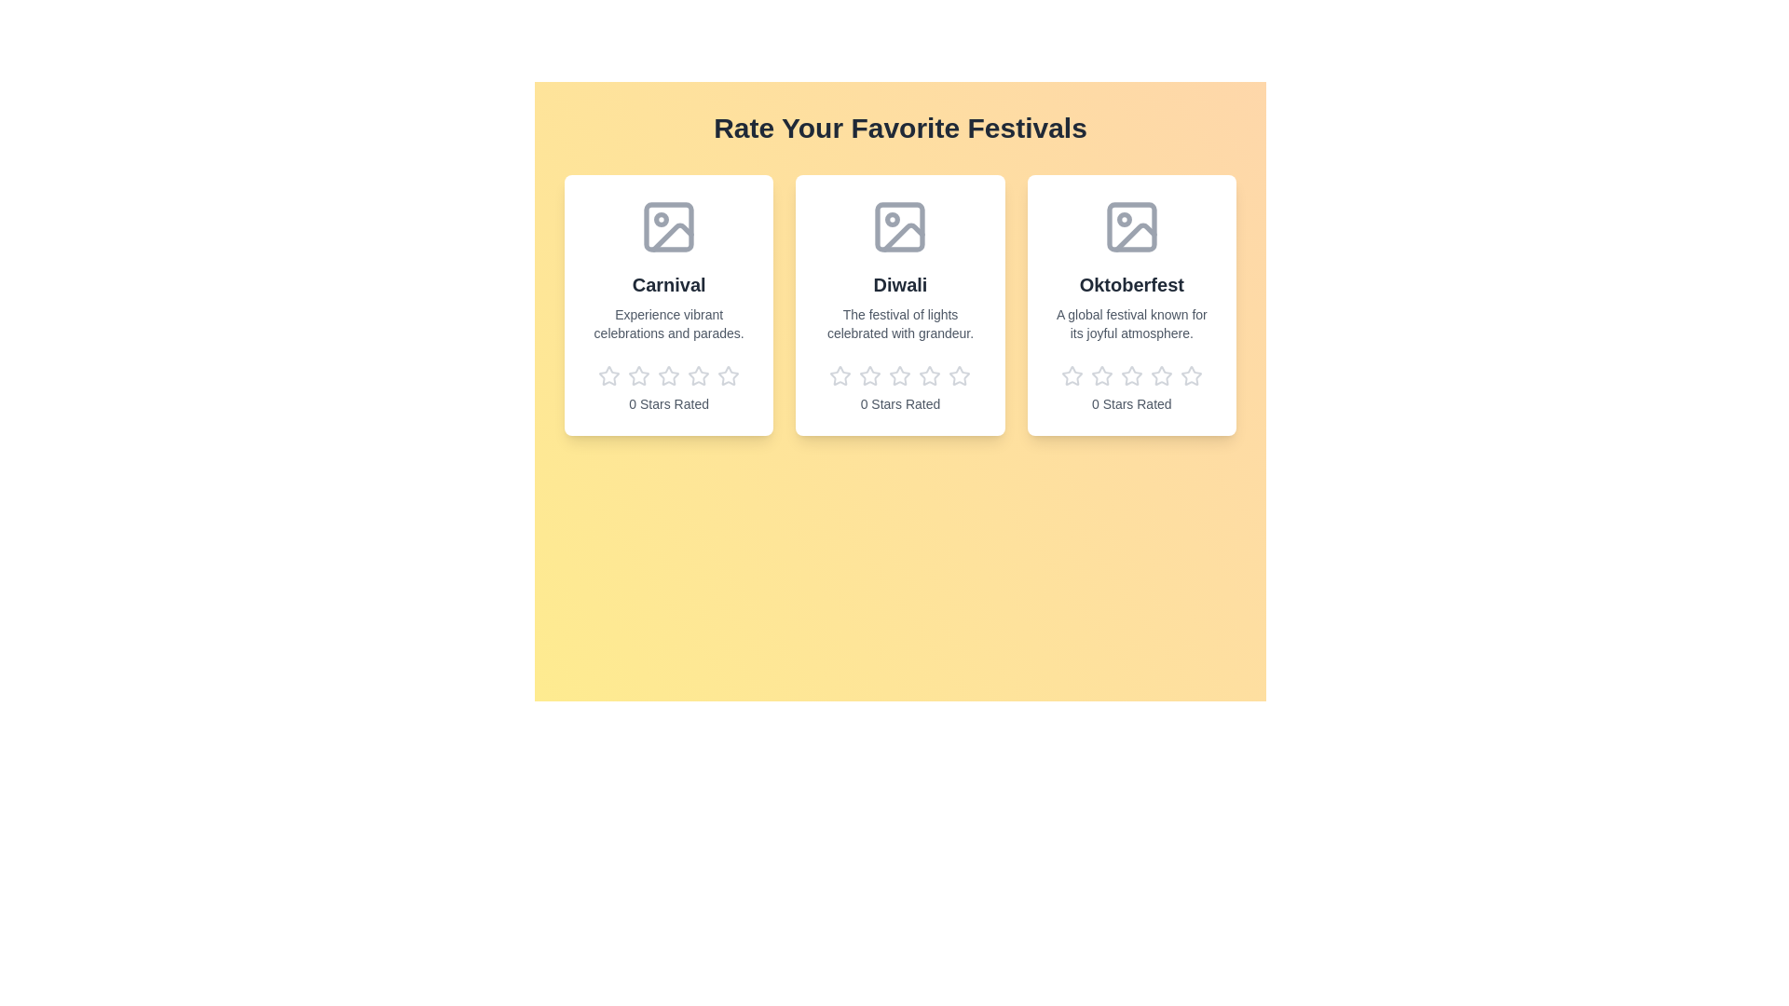  Describe the element at coordinates (1130, 304) in the screenshot. I see `the festival card for Oktoberfest to observe hover effects` at that location.